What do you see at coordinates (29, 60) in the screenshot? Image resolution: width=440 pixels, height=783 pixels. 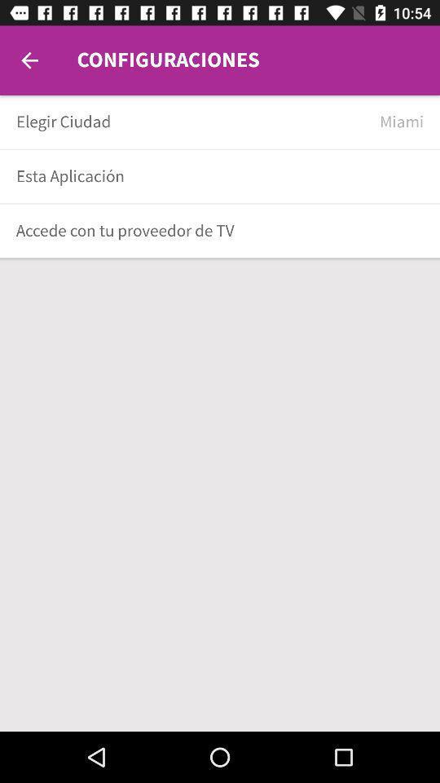 I see `return to previous` at bounding box center [29, 60].